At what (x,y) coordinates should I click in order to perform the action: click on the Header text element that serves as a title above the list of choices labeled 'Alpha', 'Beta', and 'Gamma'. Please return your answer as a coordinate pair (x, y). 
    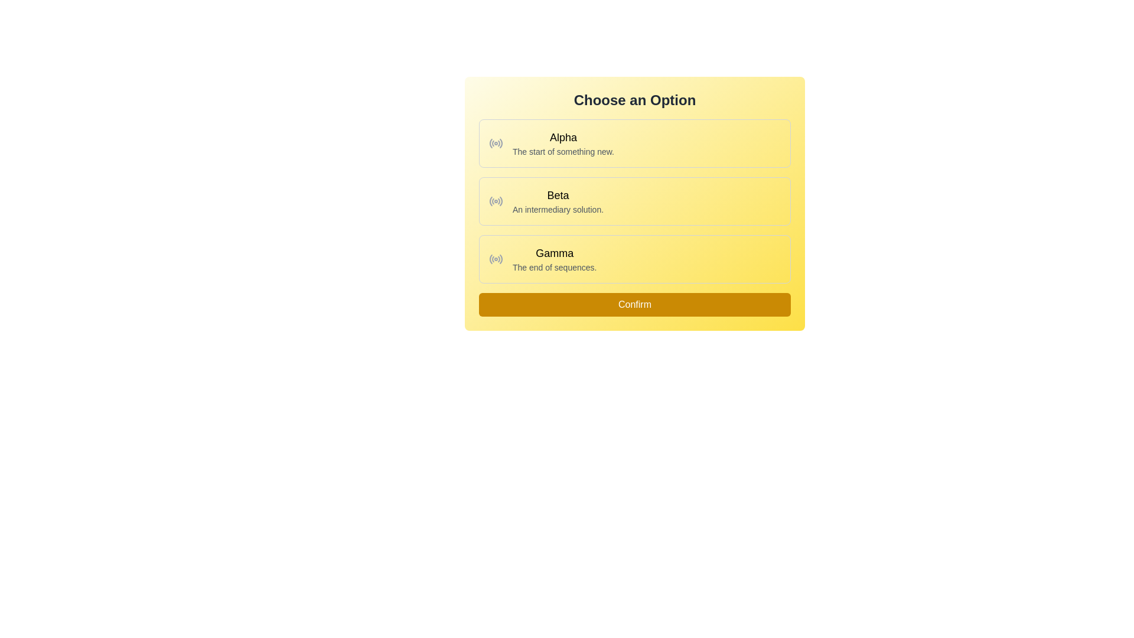
    Looking at the image, I should click on (634, 99).